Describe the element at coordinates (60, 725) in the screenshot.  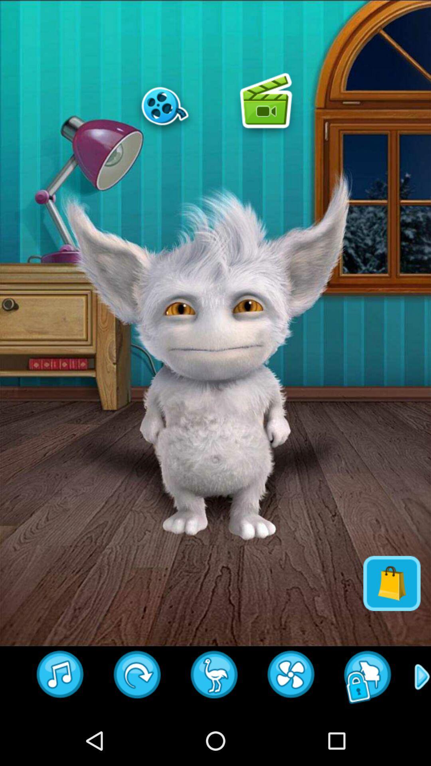
I see `the music icon` at that location.